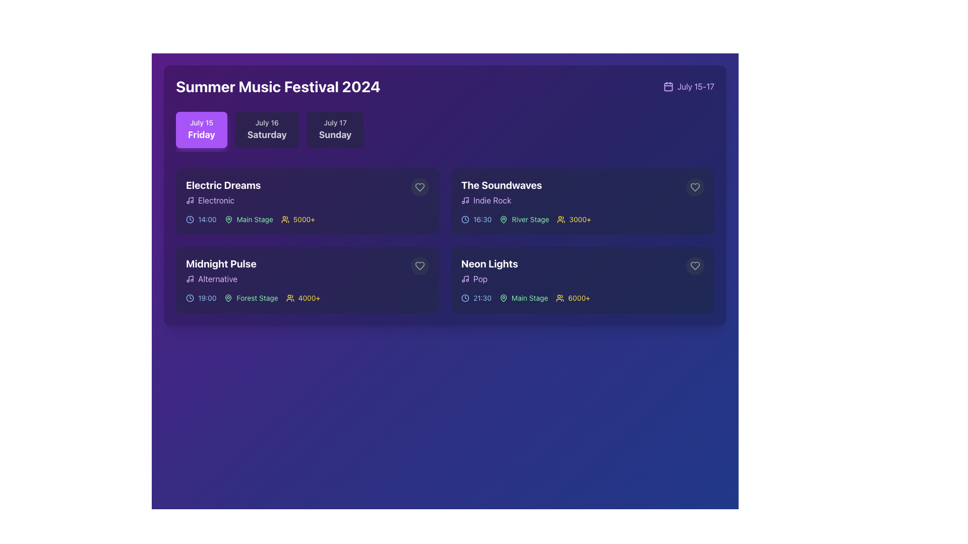 The width and height of the screenshot is (968, 544). I want to click on the 'Electronic' label, which is styled in purple and has a music note icon, located within the 'Electric Dreams' group, so click(223, 200).